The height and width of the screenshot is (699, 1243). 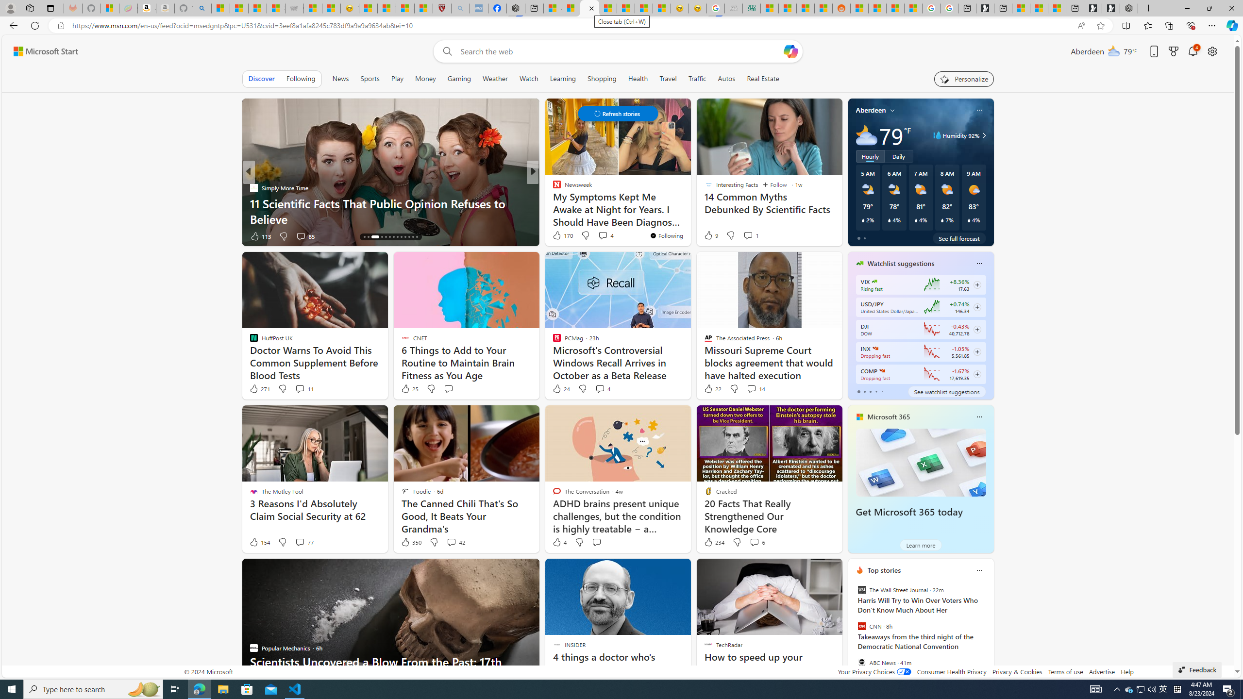 What do you see at coordinates (861, 626) in the screenshot?
I see `'CNN'` at bounding box center [861, 626].